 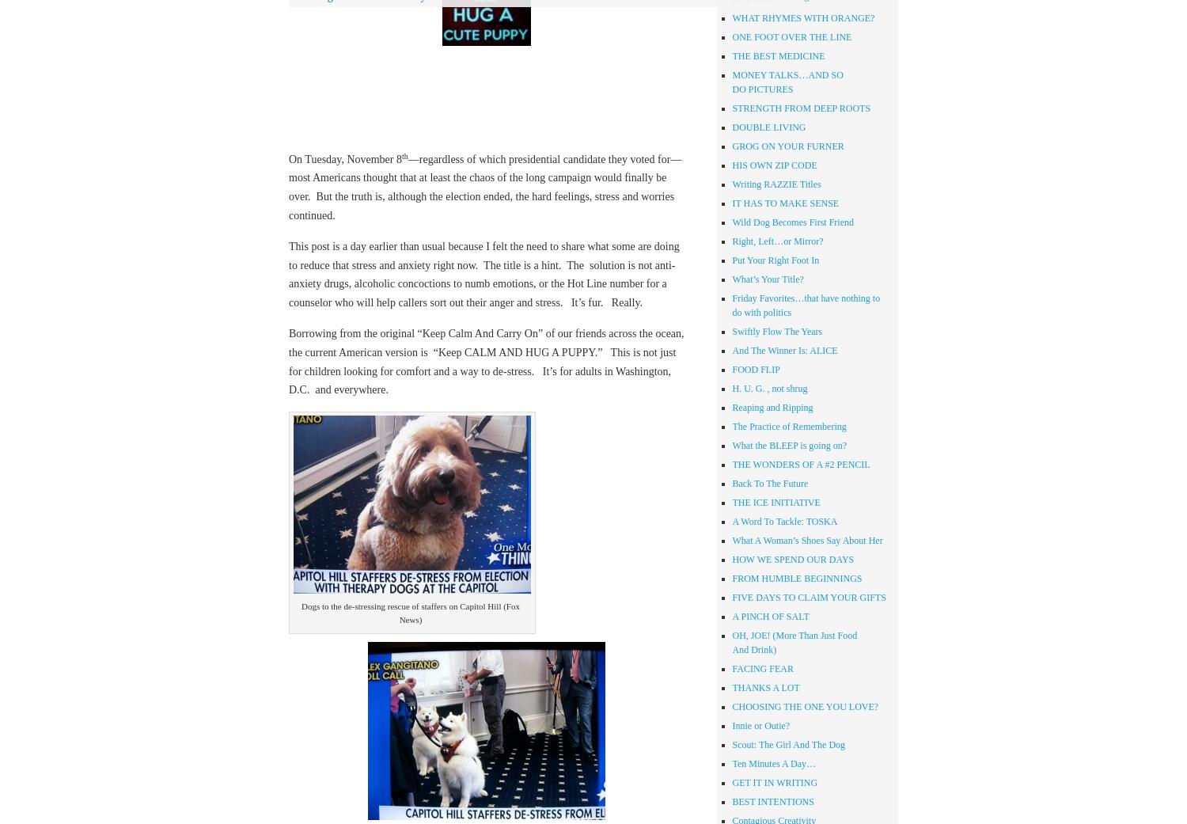 What do you see at coordinates (777, 55) in the screenshot?
I see `'THE BEST MEDICINE'` at bounding box center [777, 55].